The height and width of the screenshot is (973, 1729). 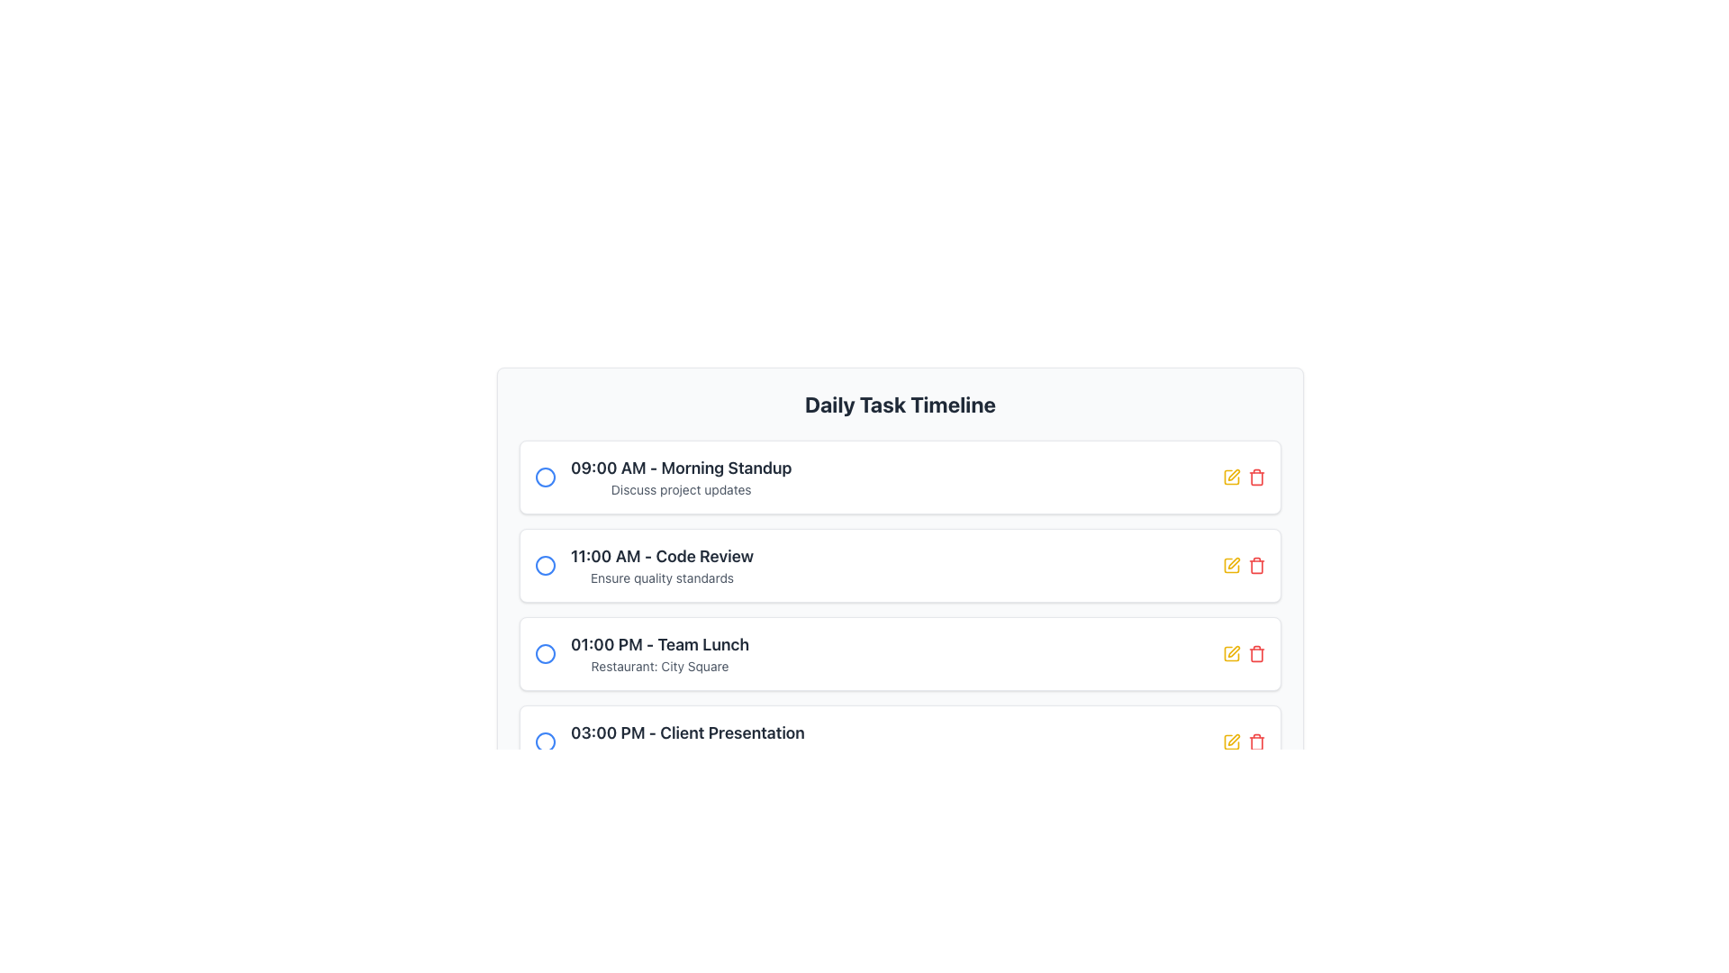 What do you see at coordinates (669, 742) in the screenshot?
I see `the last task entry in the scheduled tasks list` at bounding box center [669, 742].